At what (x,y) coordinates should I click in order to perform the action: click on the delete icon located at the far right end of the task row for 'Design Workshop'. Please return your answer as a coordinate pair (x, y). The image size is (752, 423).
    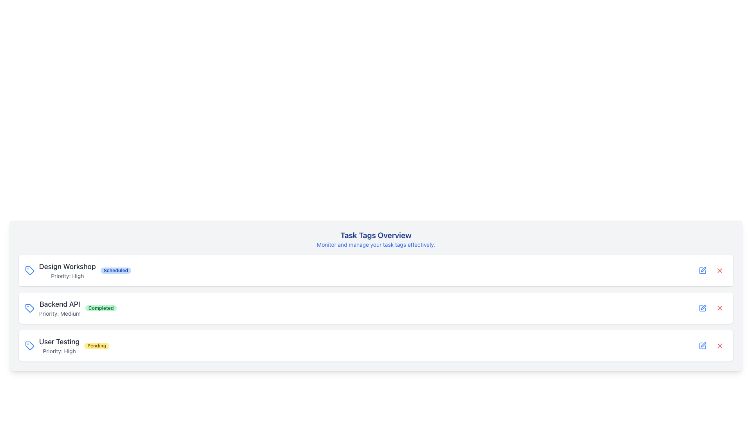
    Looking at the image, I should click on (720, 270).